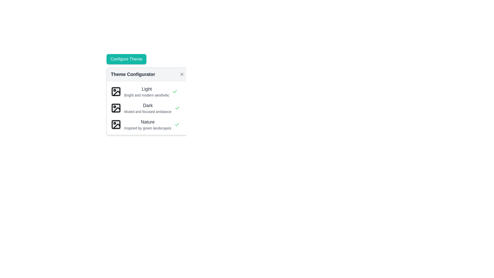 This screenshot has width=494, height=278. I want to click on the 'X' icon (Close Button) located at the top-right corner of the 'Theme Configurator' header bar, so click(182, 74).